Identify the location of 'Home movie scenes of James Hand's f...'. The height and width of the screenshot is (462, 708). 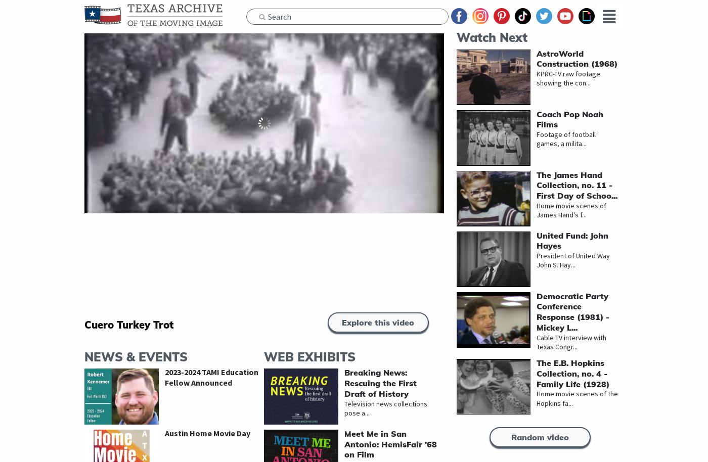
(571, 209).